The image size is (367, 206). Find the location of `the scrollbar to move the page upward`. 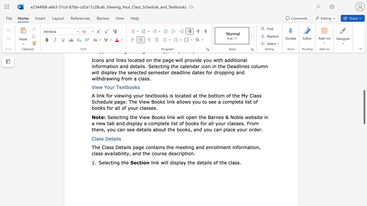

the scrollbar to move the page upward is located at coordinates (364, 63).